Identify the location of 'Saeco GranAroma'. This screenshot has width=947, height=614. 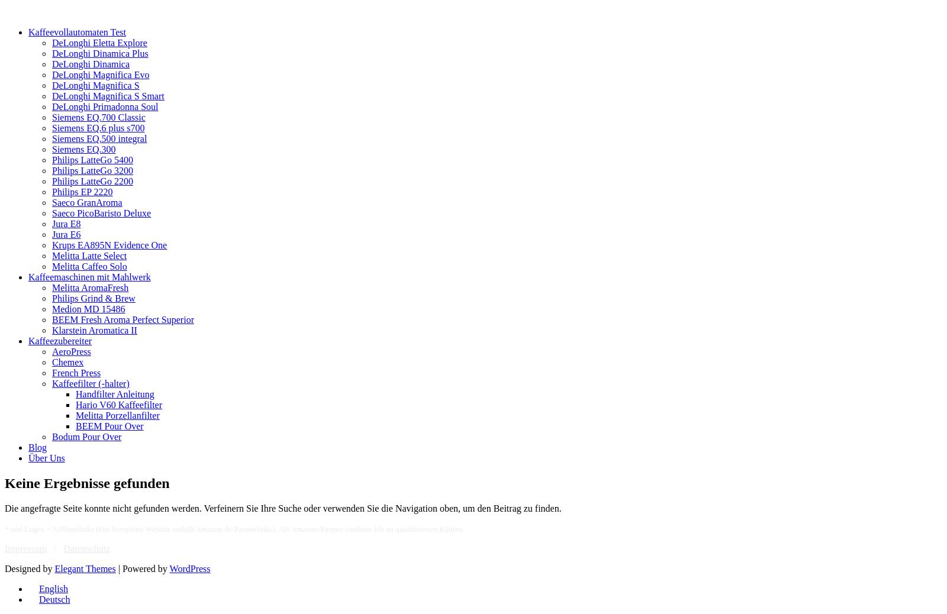
(86, 202).